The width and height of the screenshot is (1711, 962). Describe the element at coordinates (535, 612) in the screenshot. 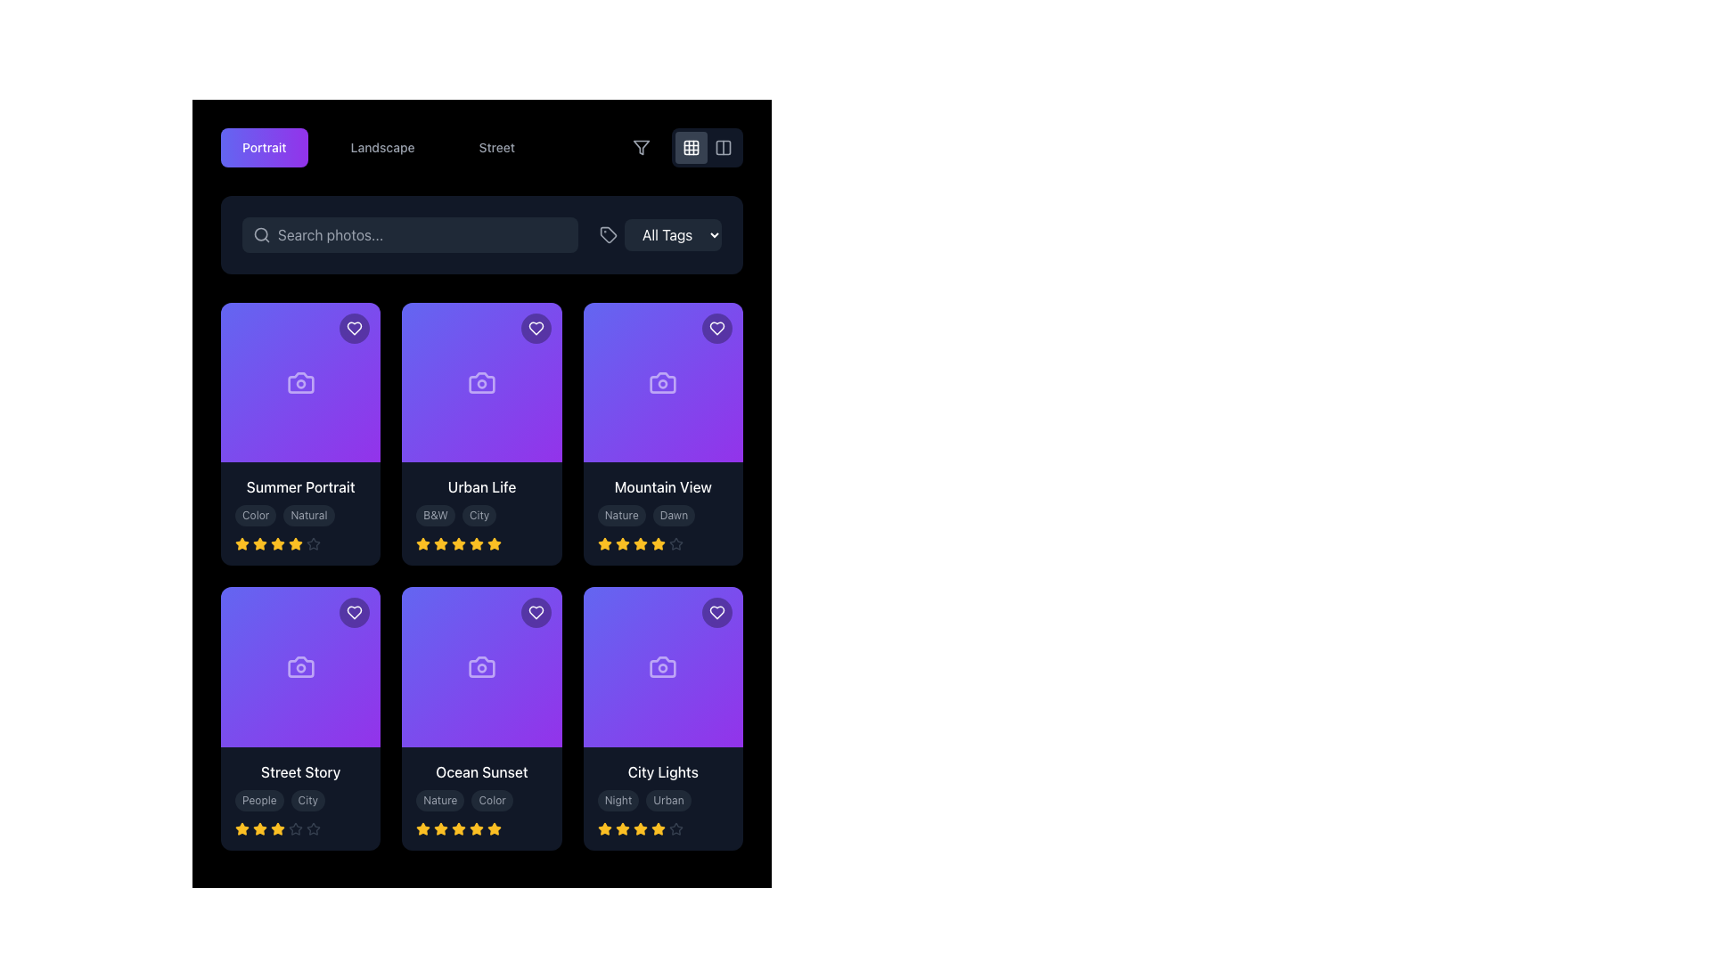

I see `the circular button with a semi-transparent black background and a white heart icon inside, located in the top-right corner of the 'Ocean Sunset' card, to mark the item as favorite` at that location.